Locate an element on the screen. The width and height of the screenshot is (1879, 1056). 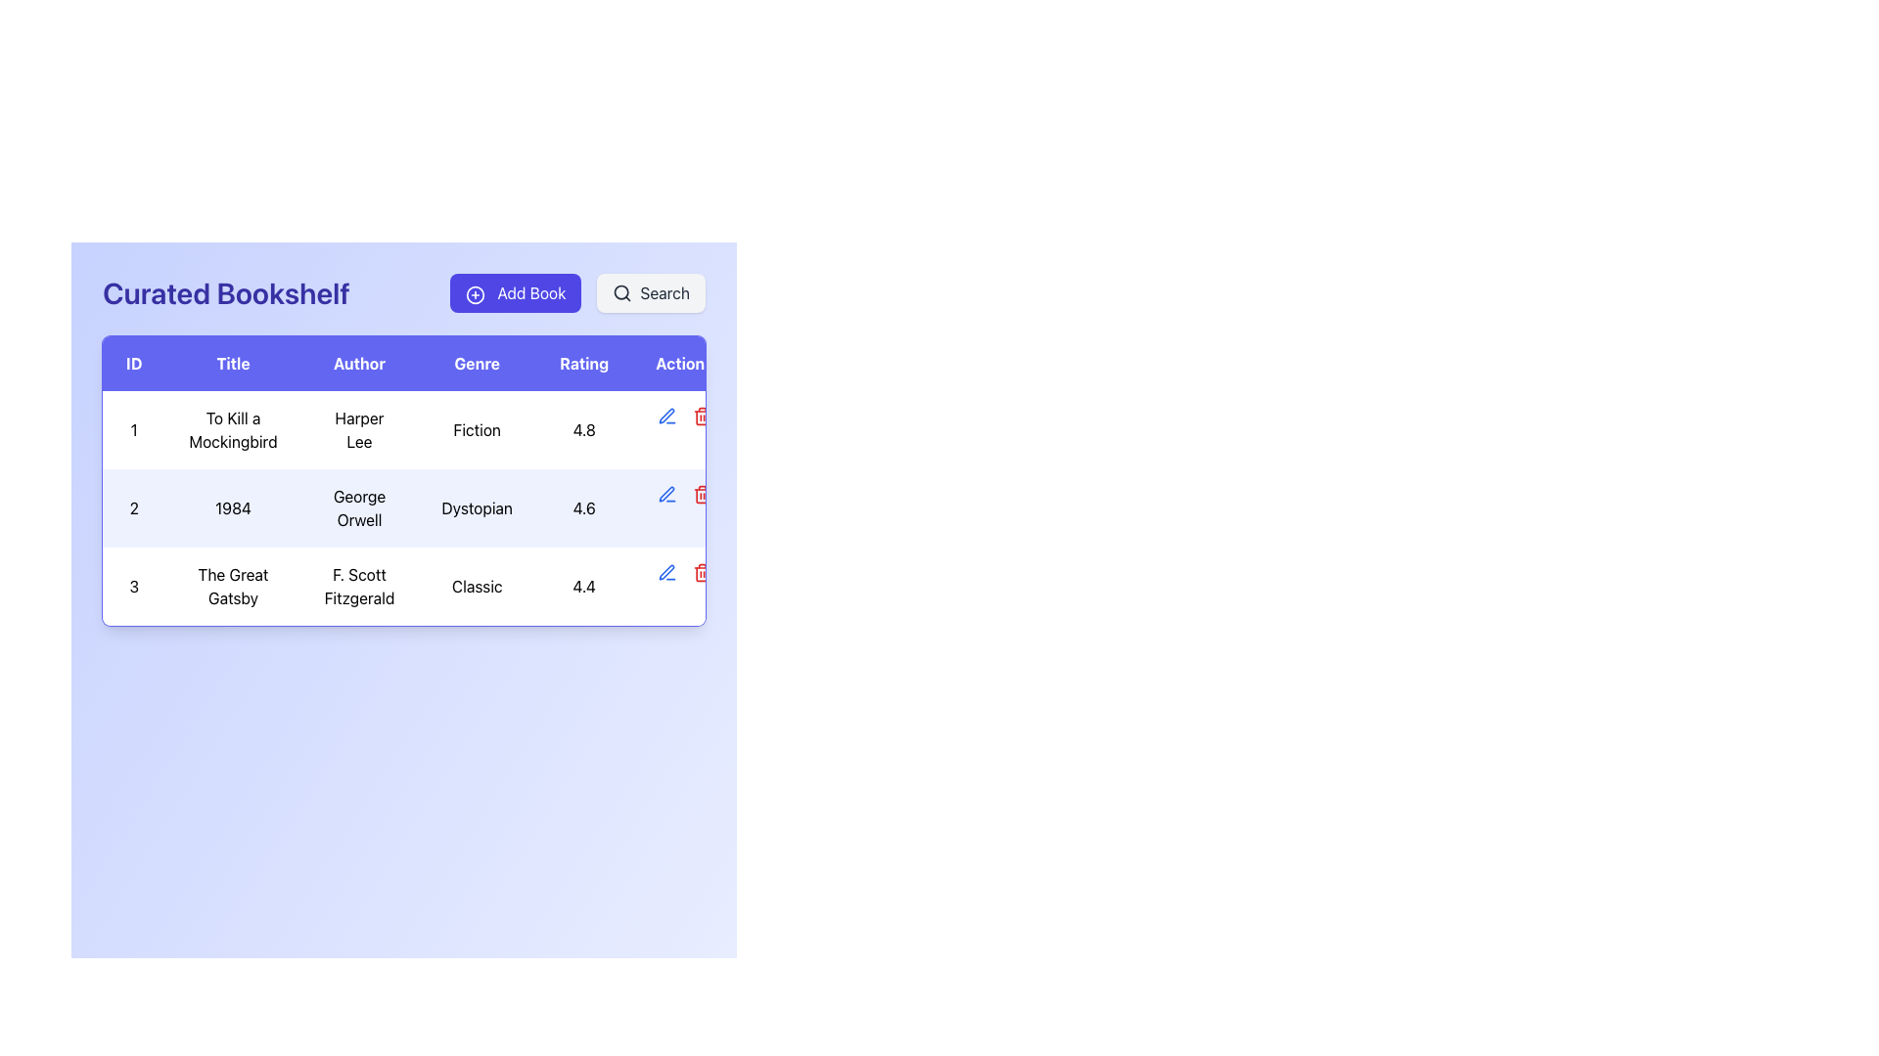
the delete icon button associated with the row for the book 'To Kill a Mockingbird' is located at coordinates (702, 415).